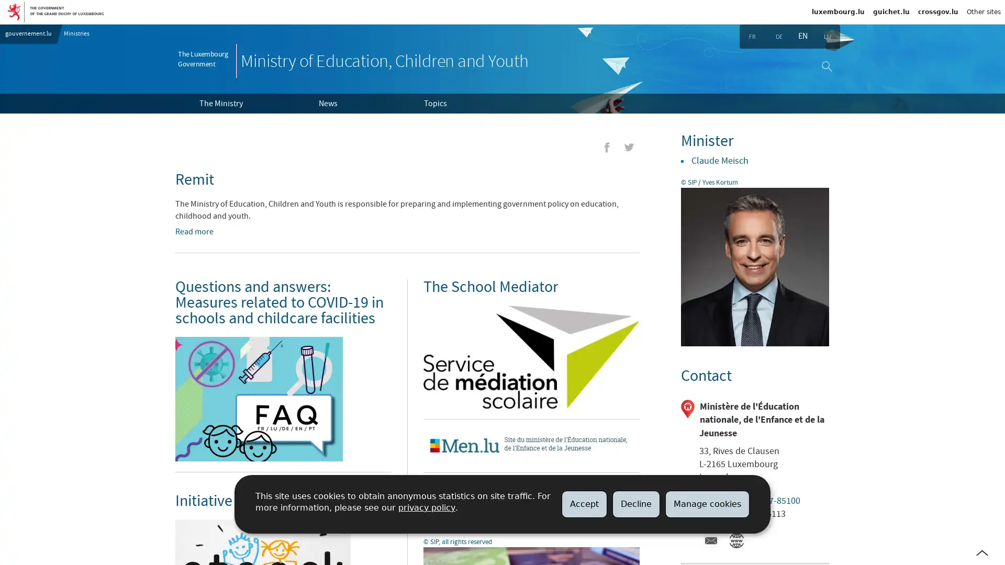 The height and width of the screenshot is (565, 1005). Describe the element at coordinates (707, 504) in the screenshot. I see `Manage cookies` at that location.